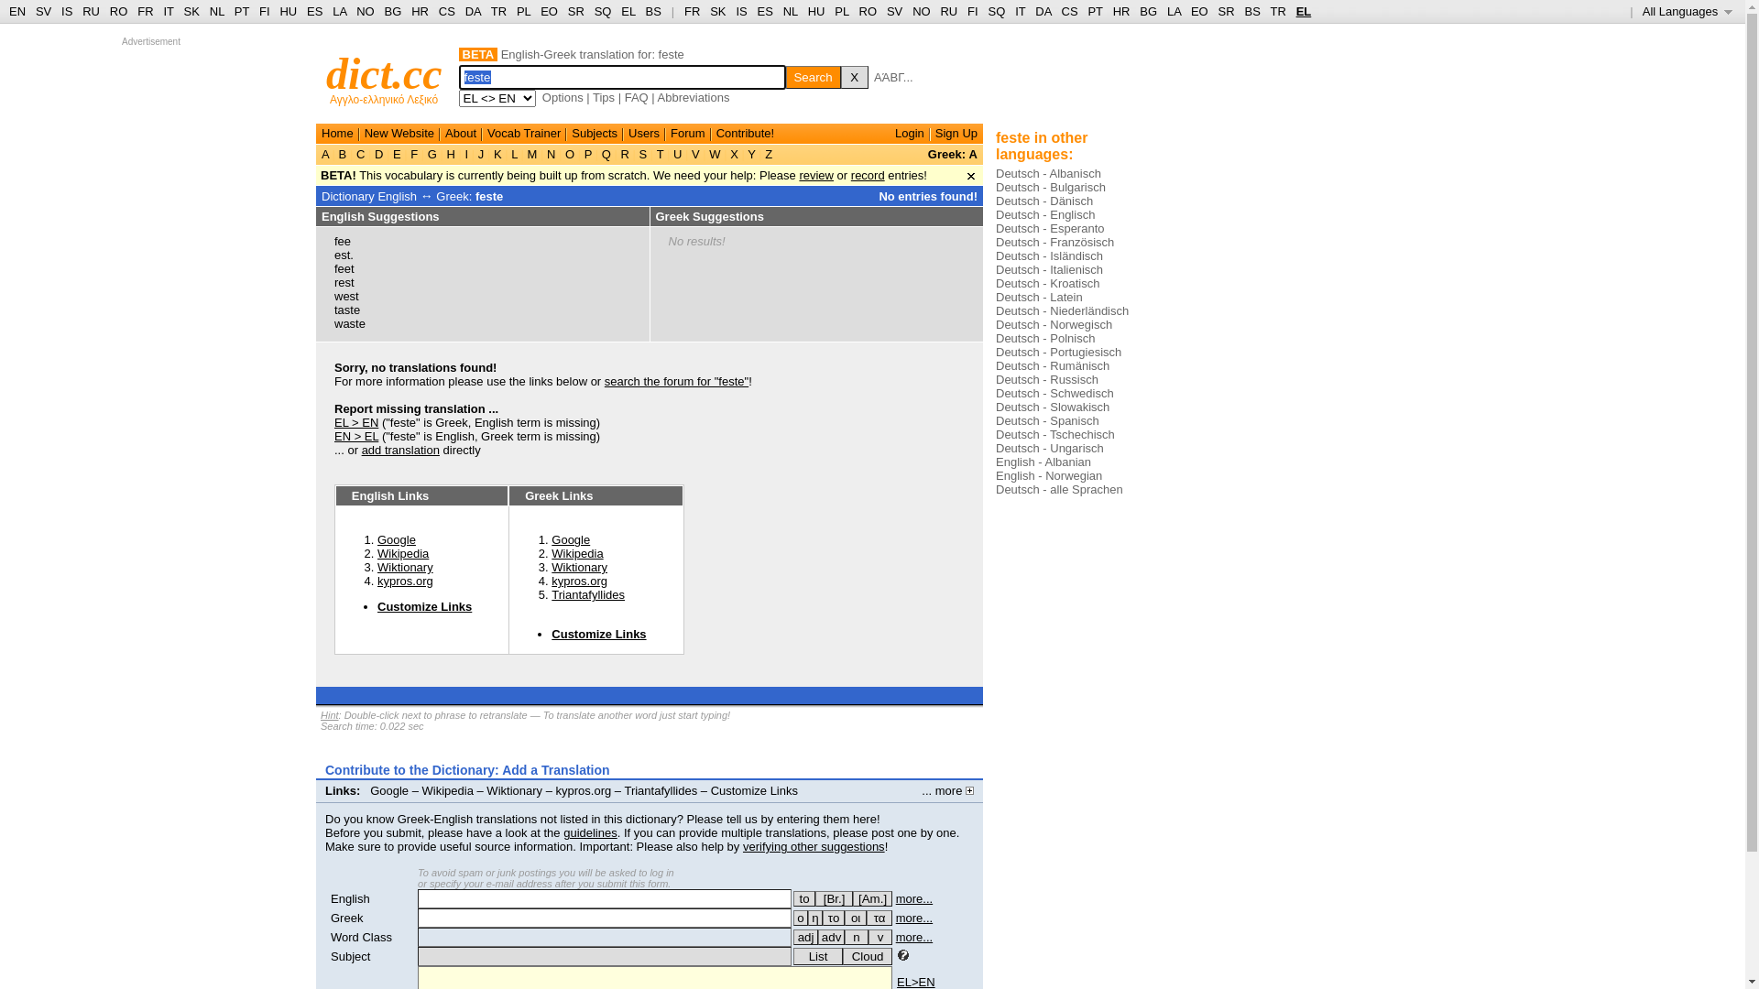  What do you see at coordinates (606, 153) in the screenshot?
I see `'Q'` at bounding box center [606, 153].